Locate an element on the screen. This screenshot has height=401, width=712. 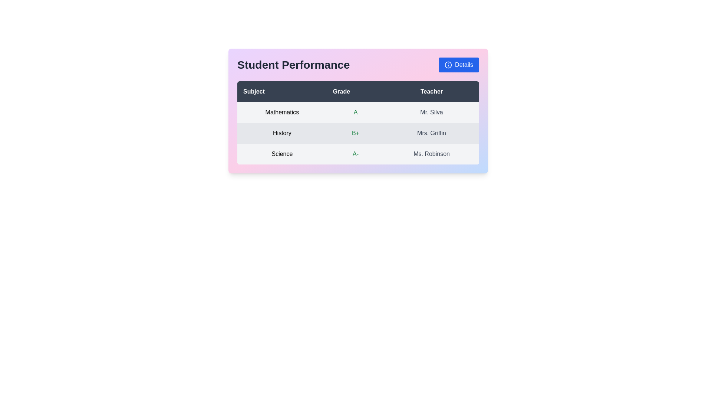
the information icon represented as a circular outline with an 'i' inside, located at the start of the Details button in the upper right corner of the Student Performance card is located at coordinates (448, 64).